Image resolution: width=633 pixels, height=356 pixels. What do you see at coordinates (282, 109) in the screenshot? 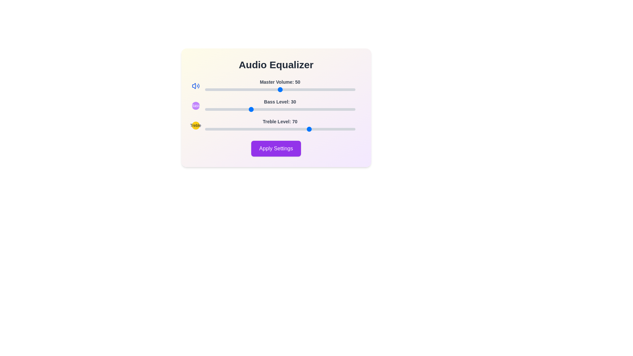
I see `the bass level` at bounding box center [282, 109].